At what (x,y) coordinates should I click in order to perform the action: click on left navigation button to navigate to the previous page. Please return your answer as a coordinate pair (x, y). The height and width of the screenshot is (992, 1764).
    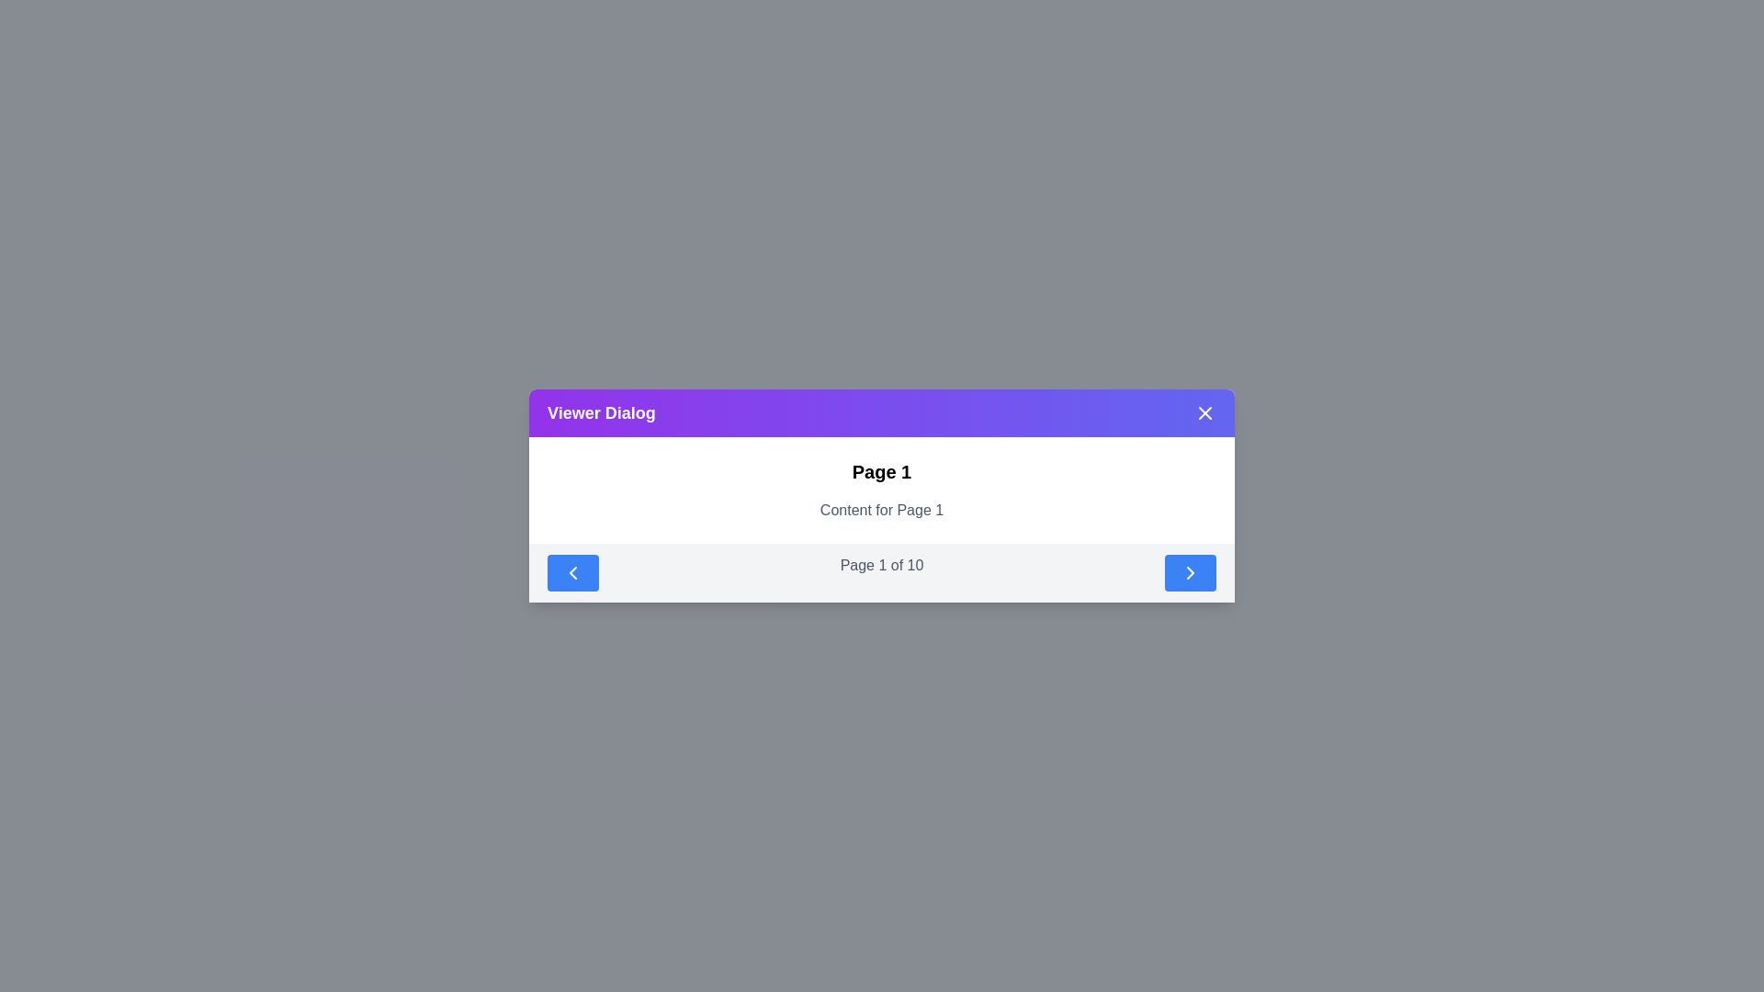
    Looking at the image, I should click on (572, 572).